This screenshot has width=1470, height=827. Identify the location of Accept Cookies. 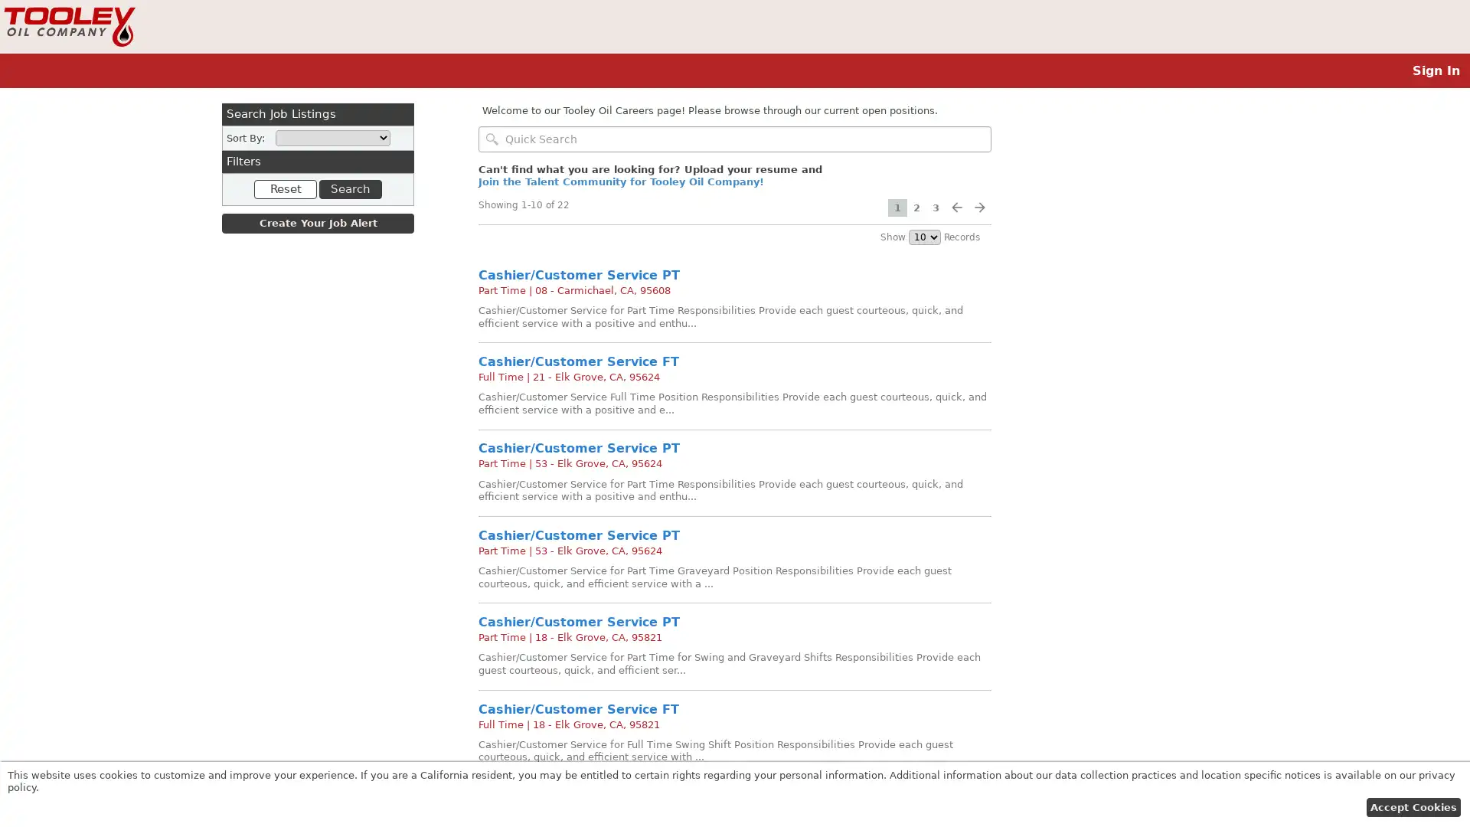
(1412, 806).